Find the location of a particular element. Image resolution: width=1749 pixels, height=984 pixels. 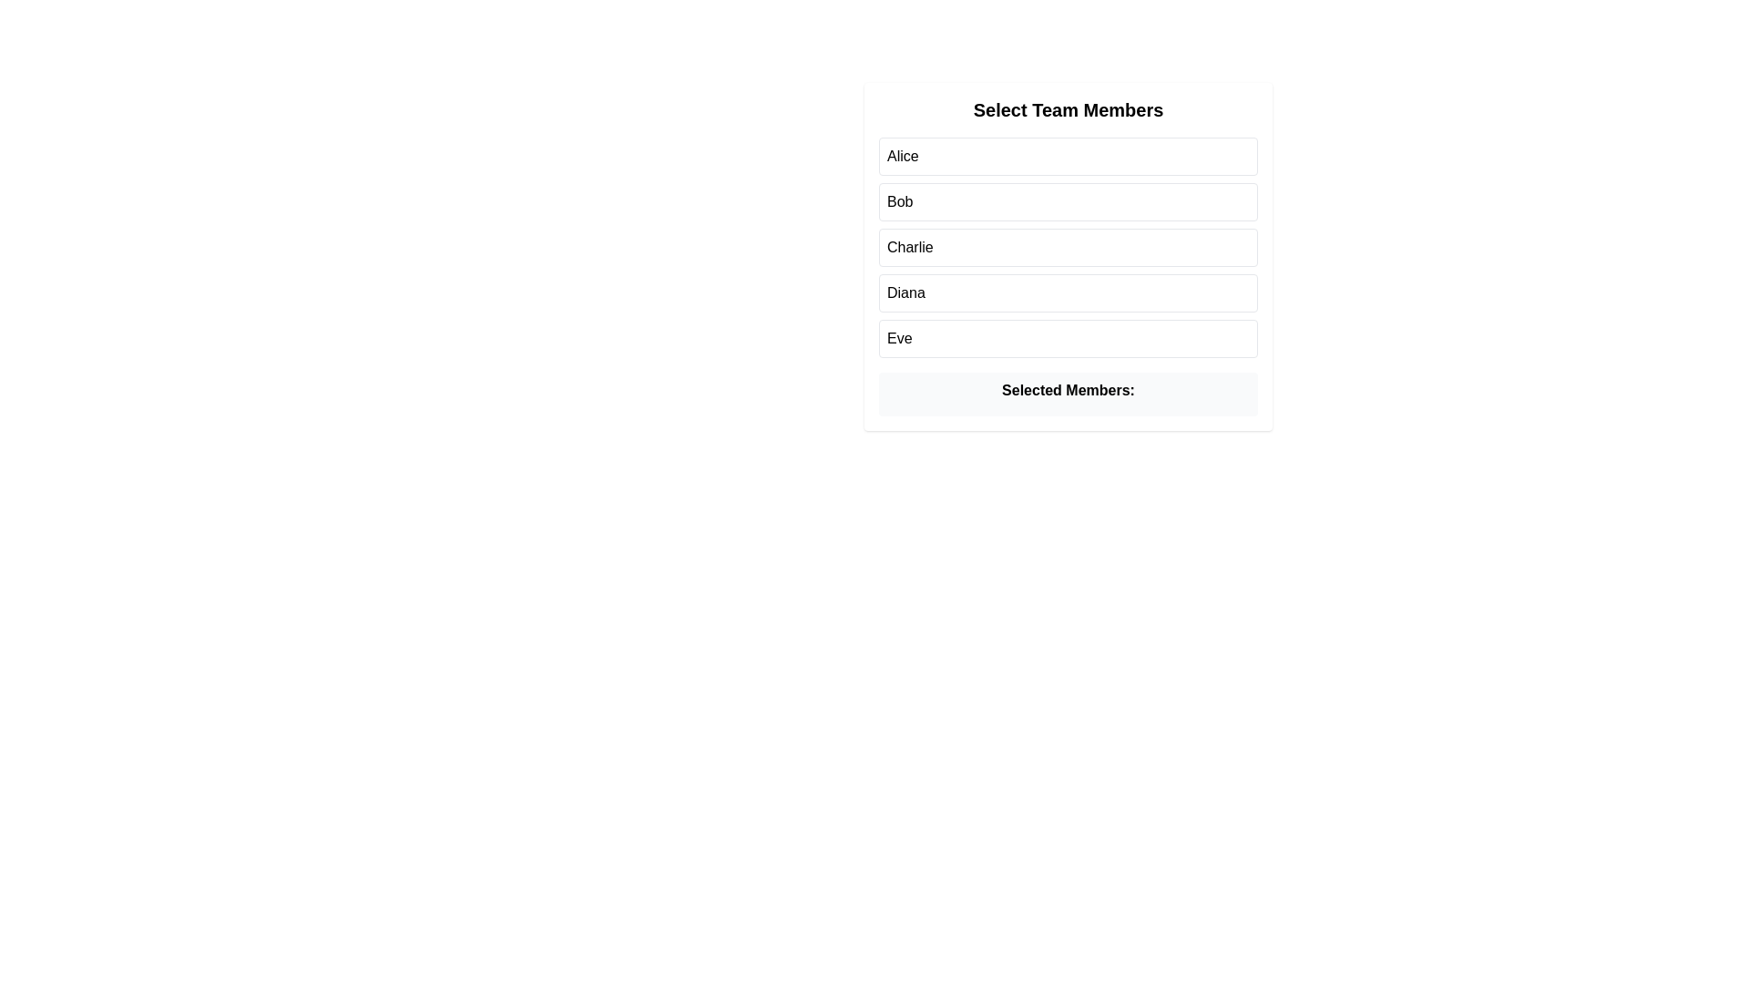

the title label indicating the beginning of the section where selected members are displayed, located beneath the selectable options 'Alice', 'Bob', 'Charlie', 'Diana', and 'Eve' is located at coordinates (1068, 393).